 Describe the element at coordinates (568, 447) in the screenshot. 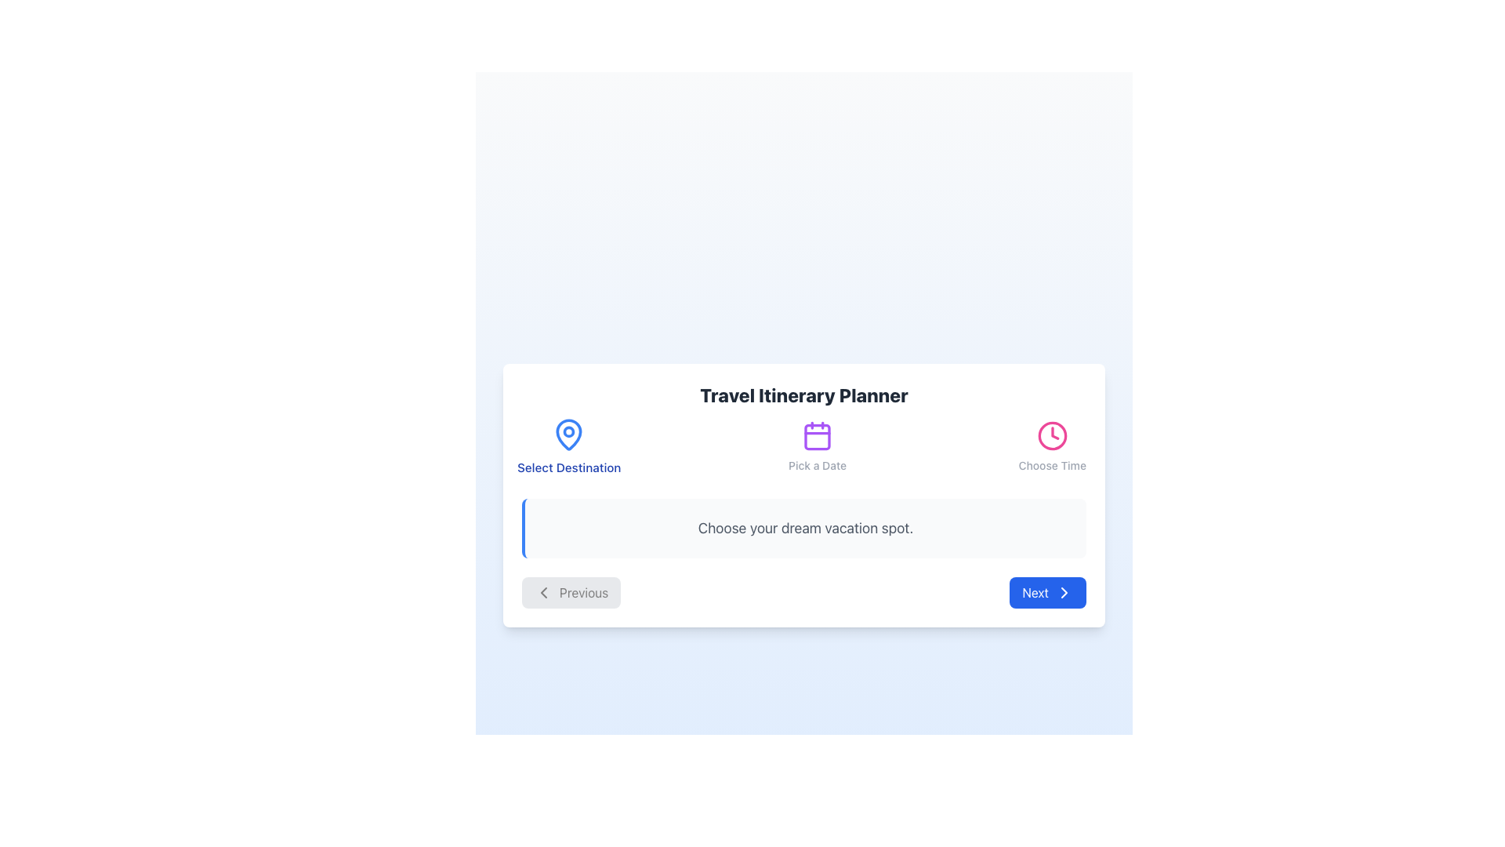

I see `the button labeled 'Select Destination' which is the leftmost component in the 'Travel Itinerary Planner' section, featuring a blue map pin icon above blue text` at that location.